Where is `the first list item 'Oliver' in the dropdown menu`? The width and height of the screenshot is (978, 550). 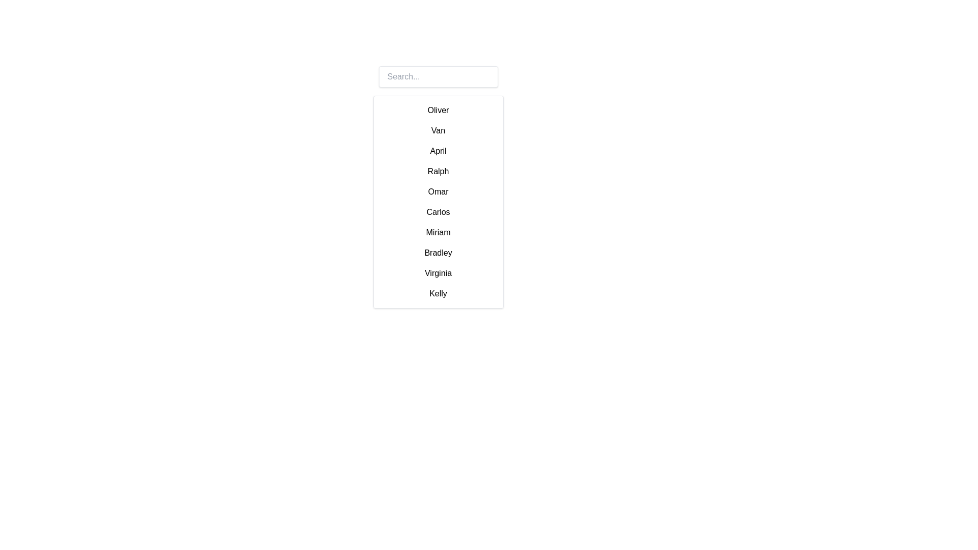 the first list item 'Oliver' in the dropdown menu is located at coordinates (438, 110).